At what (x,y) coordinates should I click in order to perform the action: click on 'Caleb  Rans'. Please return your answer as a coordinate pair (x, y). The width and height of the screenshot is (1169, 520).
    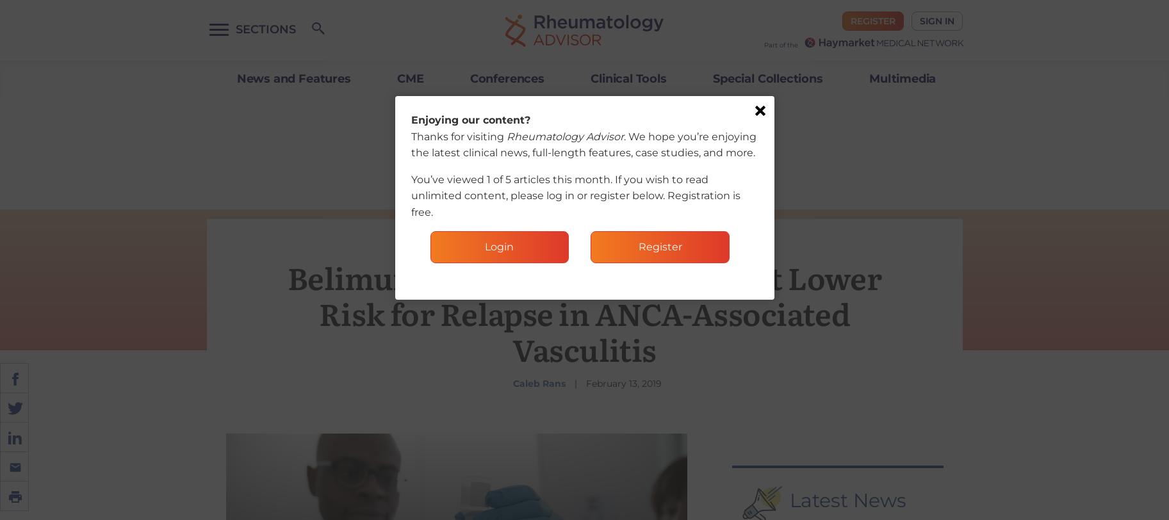
    Looking at the image, I should click on (539, 383).